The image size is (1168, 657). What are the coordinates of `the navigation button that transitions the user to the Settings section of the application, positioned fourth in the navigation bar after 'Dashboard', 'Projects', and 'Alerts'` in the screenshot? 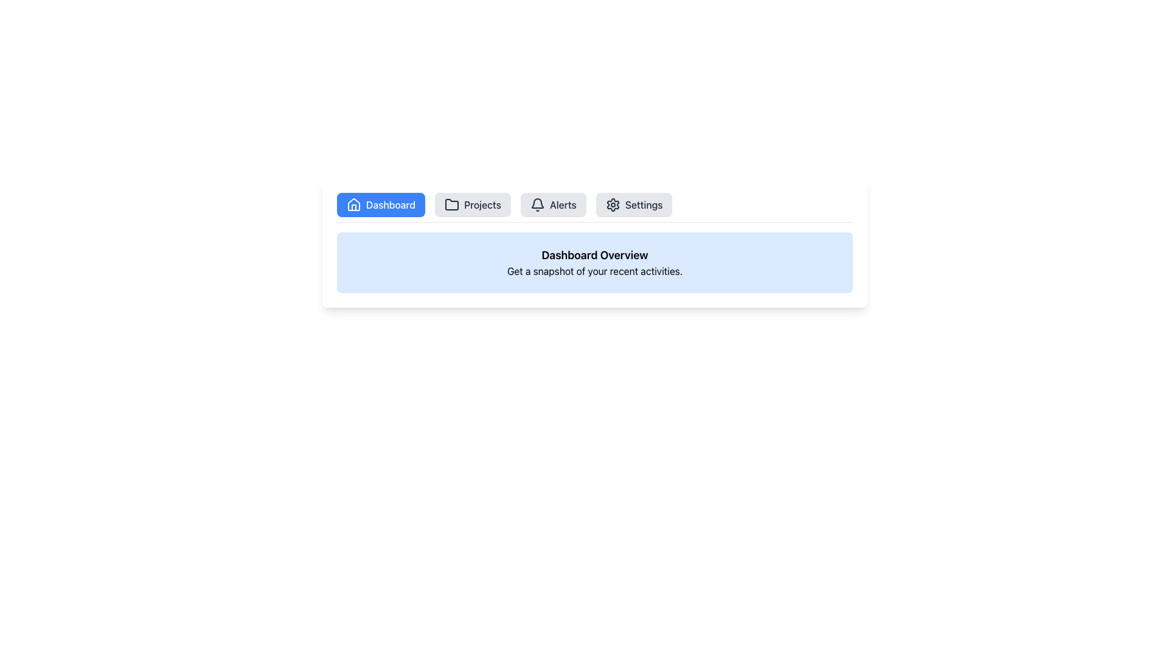 It's located at (633, 204).